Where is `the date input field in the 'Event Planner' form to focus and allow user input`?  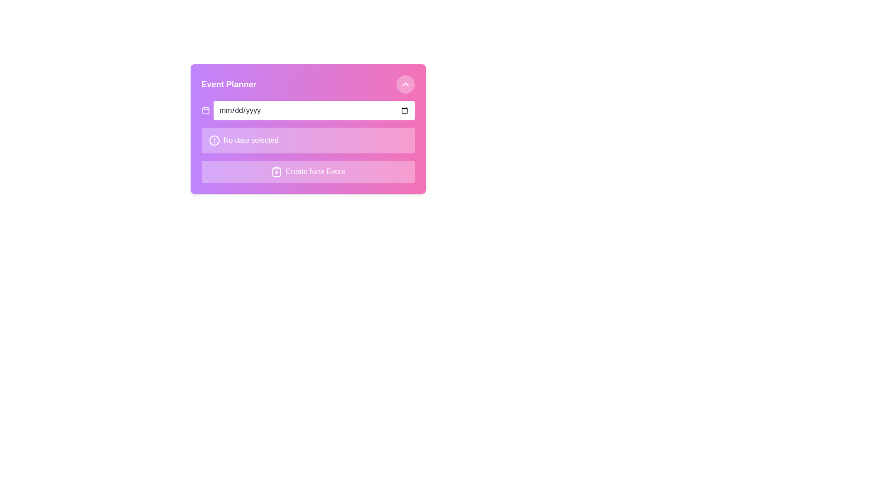
the date input field in the 'Event Planner' form to focus and allow user input is located at coordinates (314, 110).